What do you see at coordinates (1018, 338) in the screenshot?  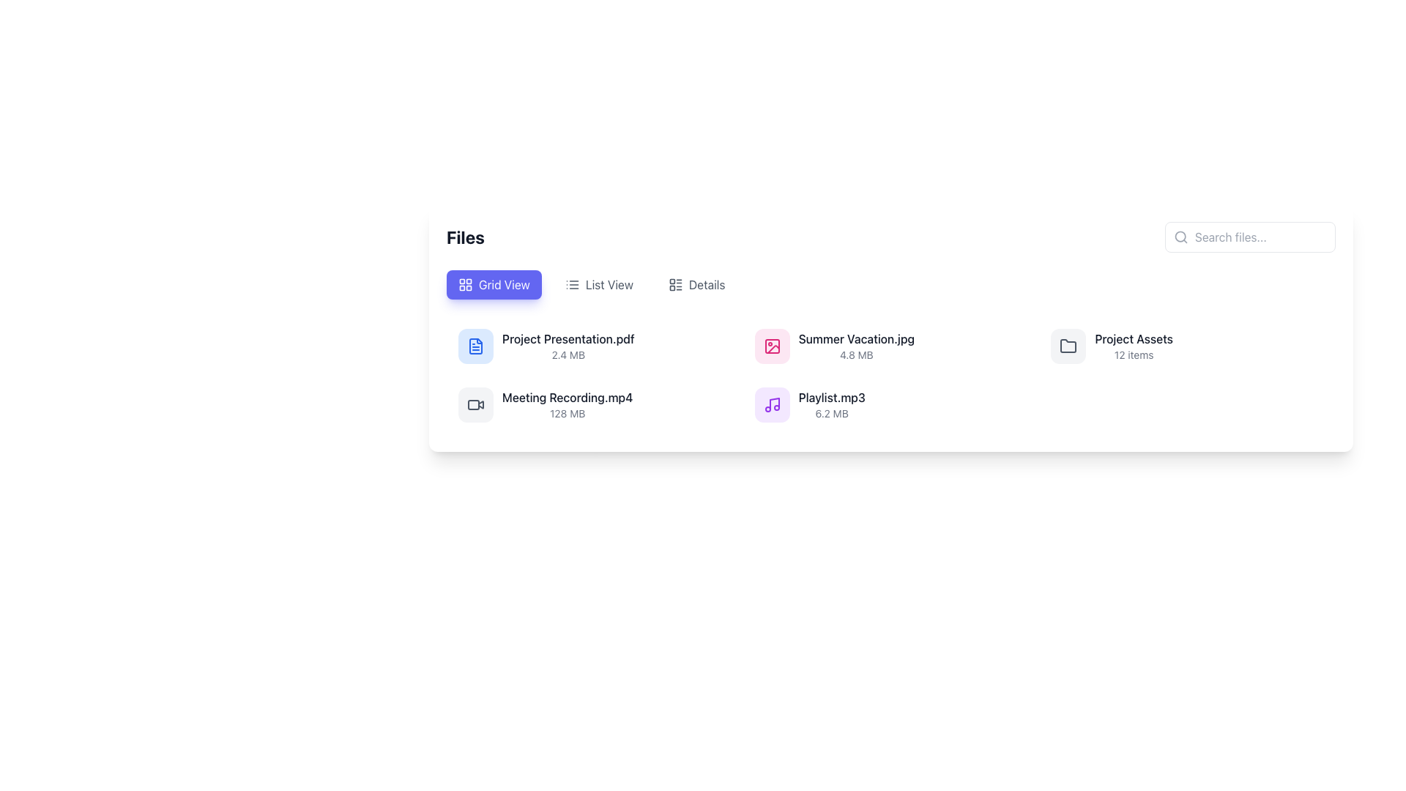 I see `the menu trigger button located at the top-right corner of the 'Summer Vacation.jpg' card to change its background opacity` at bounding box center [1018, 338].